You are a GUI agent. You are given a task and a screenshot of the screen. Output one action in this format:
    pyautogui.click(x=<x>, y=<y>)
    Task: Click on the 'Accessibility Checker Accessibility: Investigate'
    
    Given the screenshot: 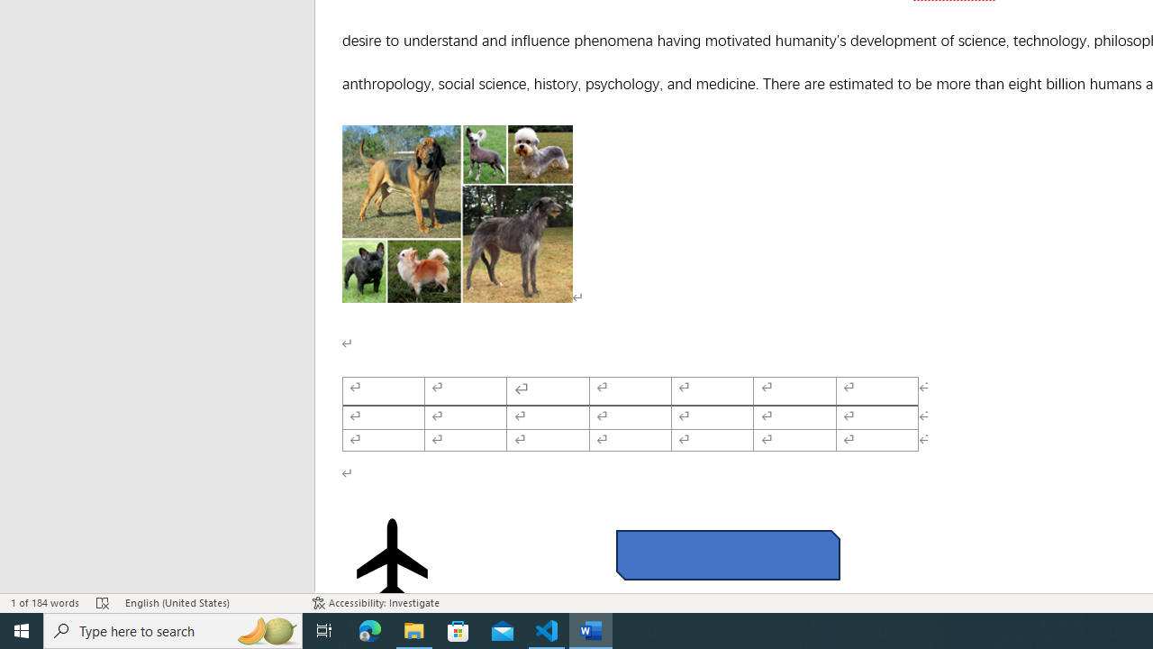 What is the action you would take?
    pyautogui.click(x=375, y=603)
    